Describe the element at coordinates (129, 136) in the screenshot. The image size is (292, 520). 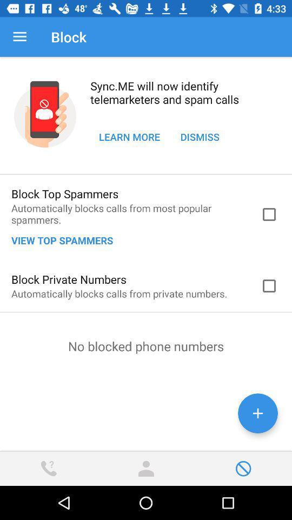
I see `icon next to dismiss` at that location.